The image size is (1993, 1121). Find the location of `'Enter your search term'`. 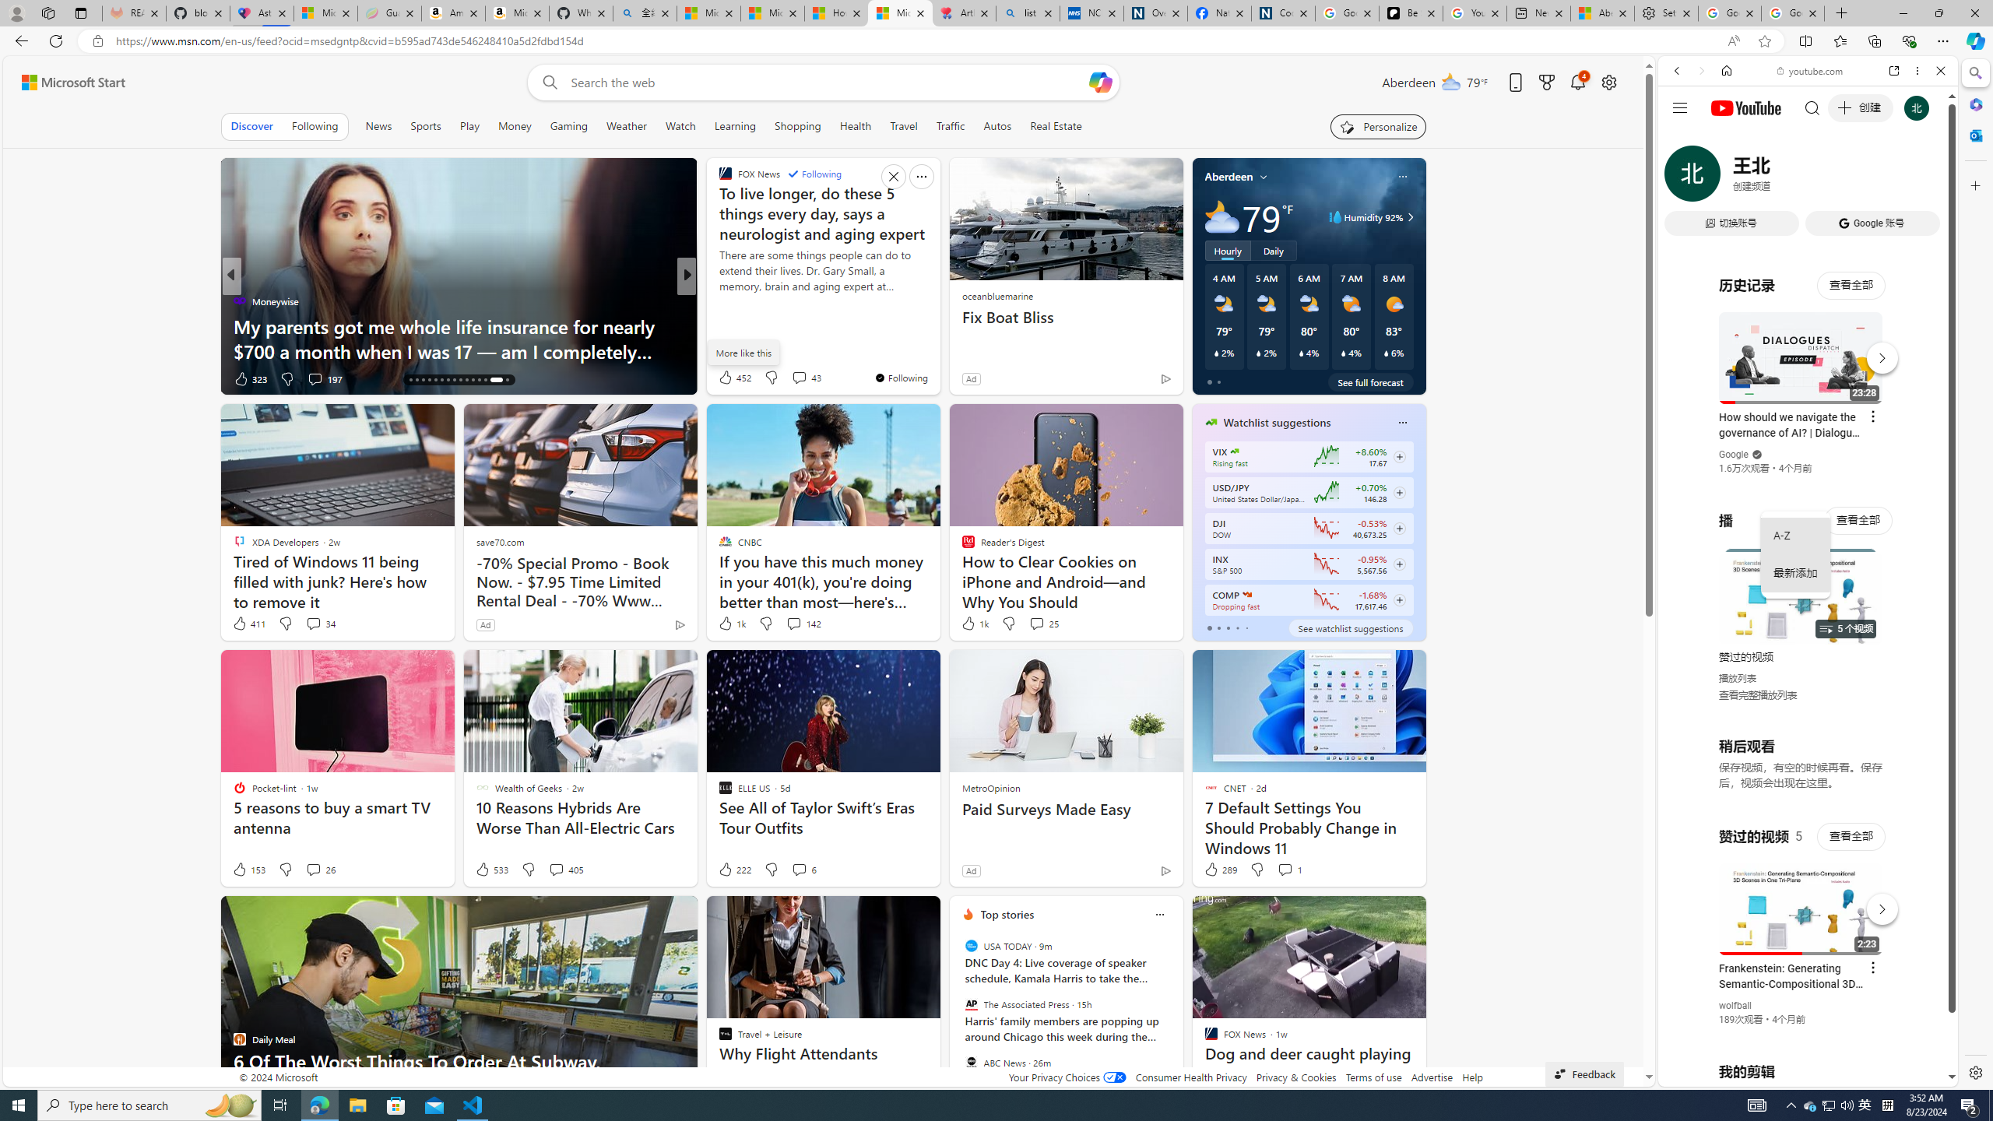

'Enter your search term' is located at coordinates (826, 81).